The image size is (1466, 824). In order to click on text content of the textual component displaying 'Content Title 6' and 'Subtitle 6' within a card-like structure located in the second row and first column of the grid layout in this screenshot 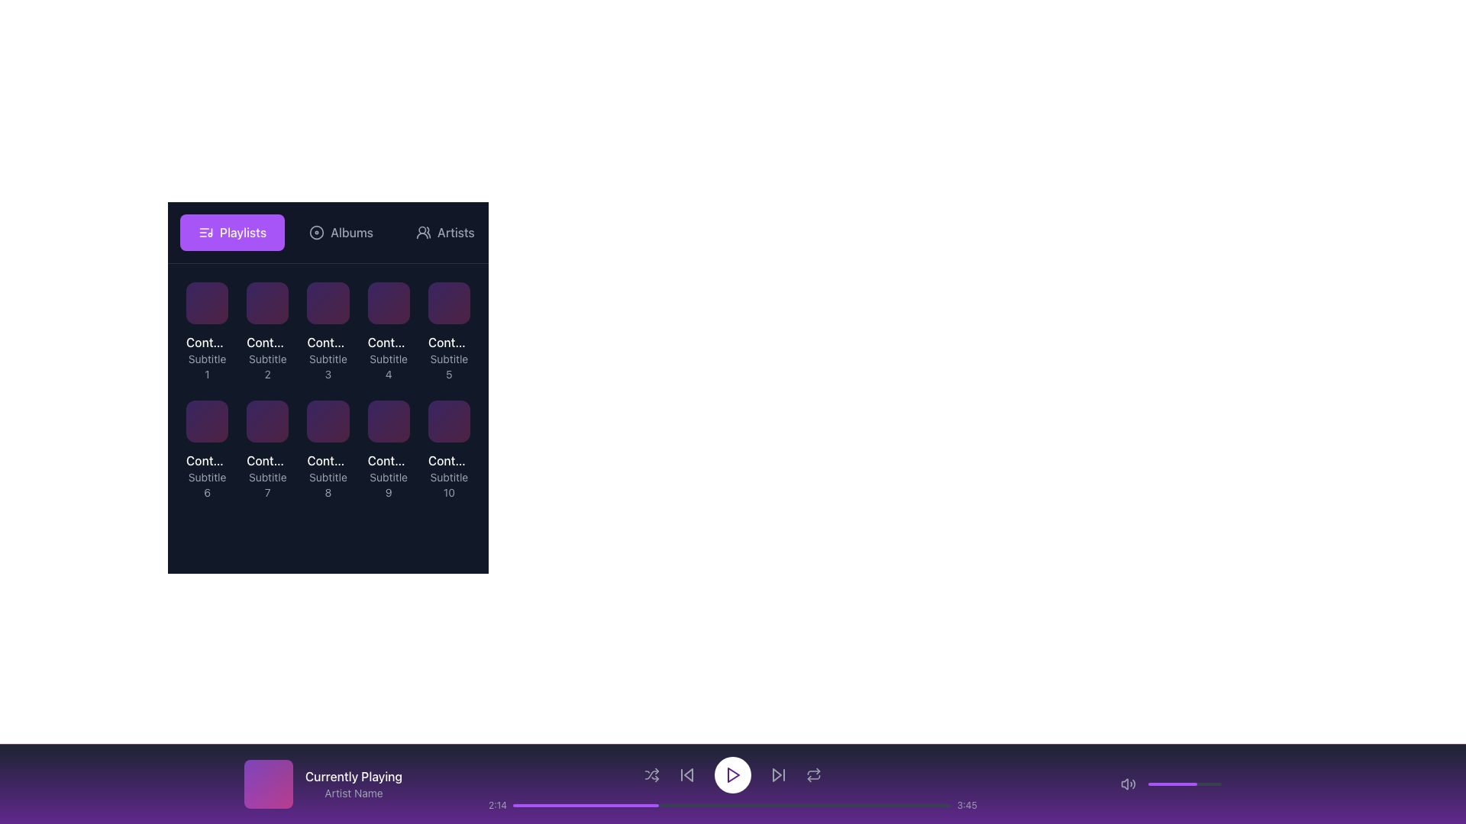, I will do `click(206, 475)`.